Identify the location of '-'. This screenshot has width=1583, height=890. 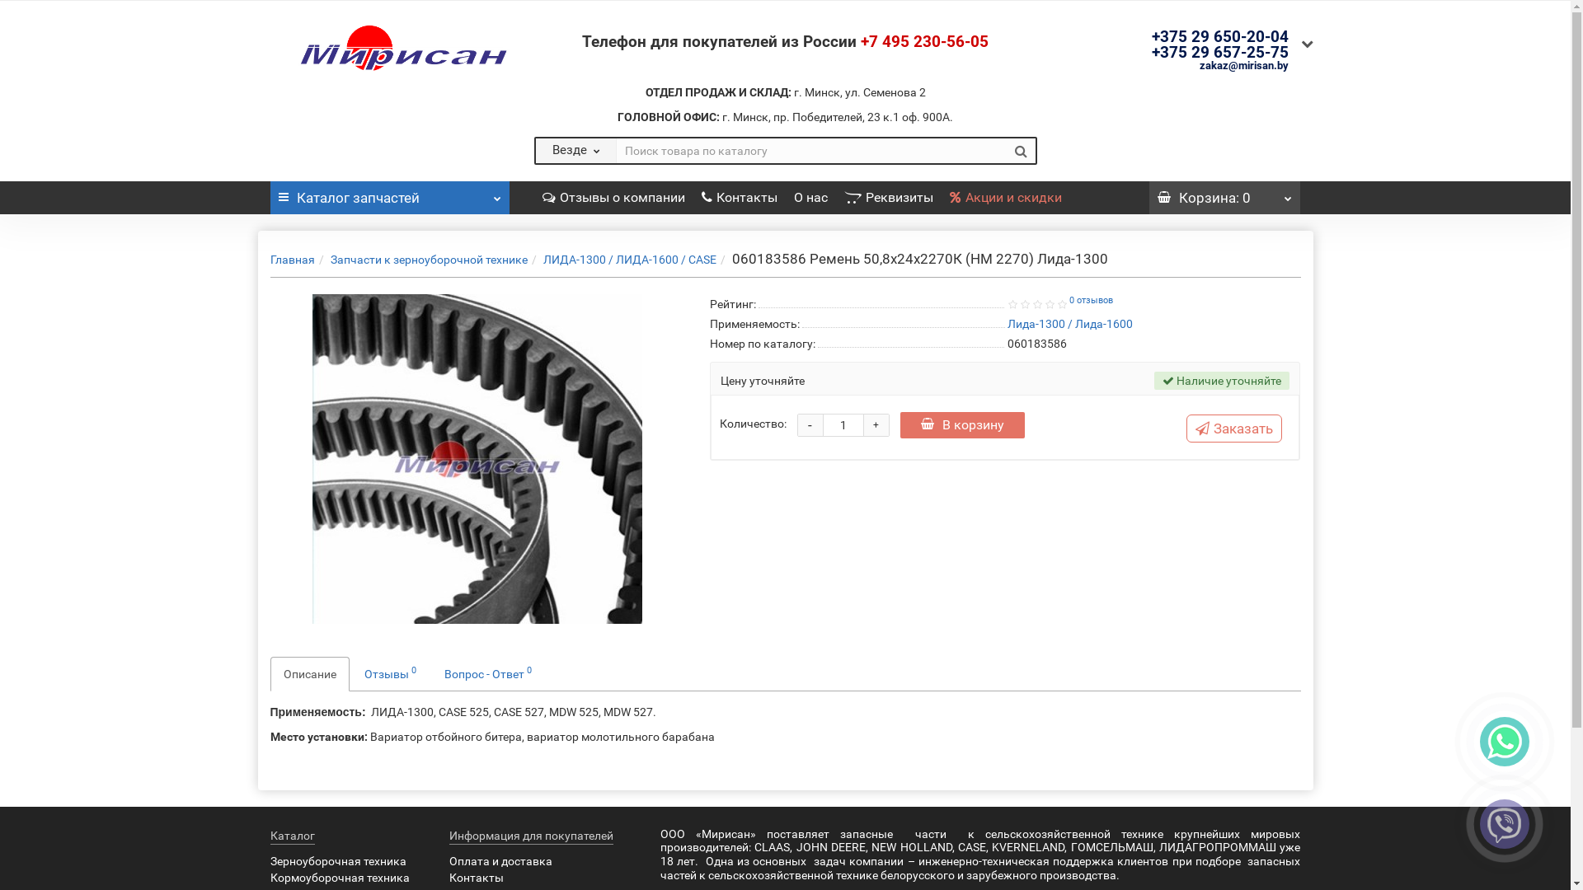
(810, 424).